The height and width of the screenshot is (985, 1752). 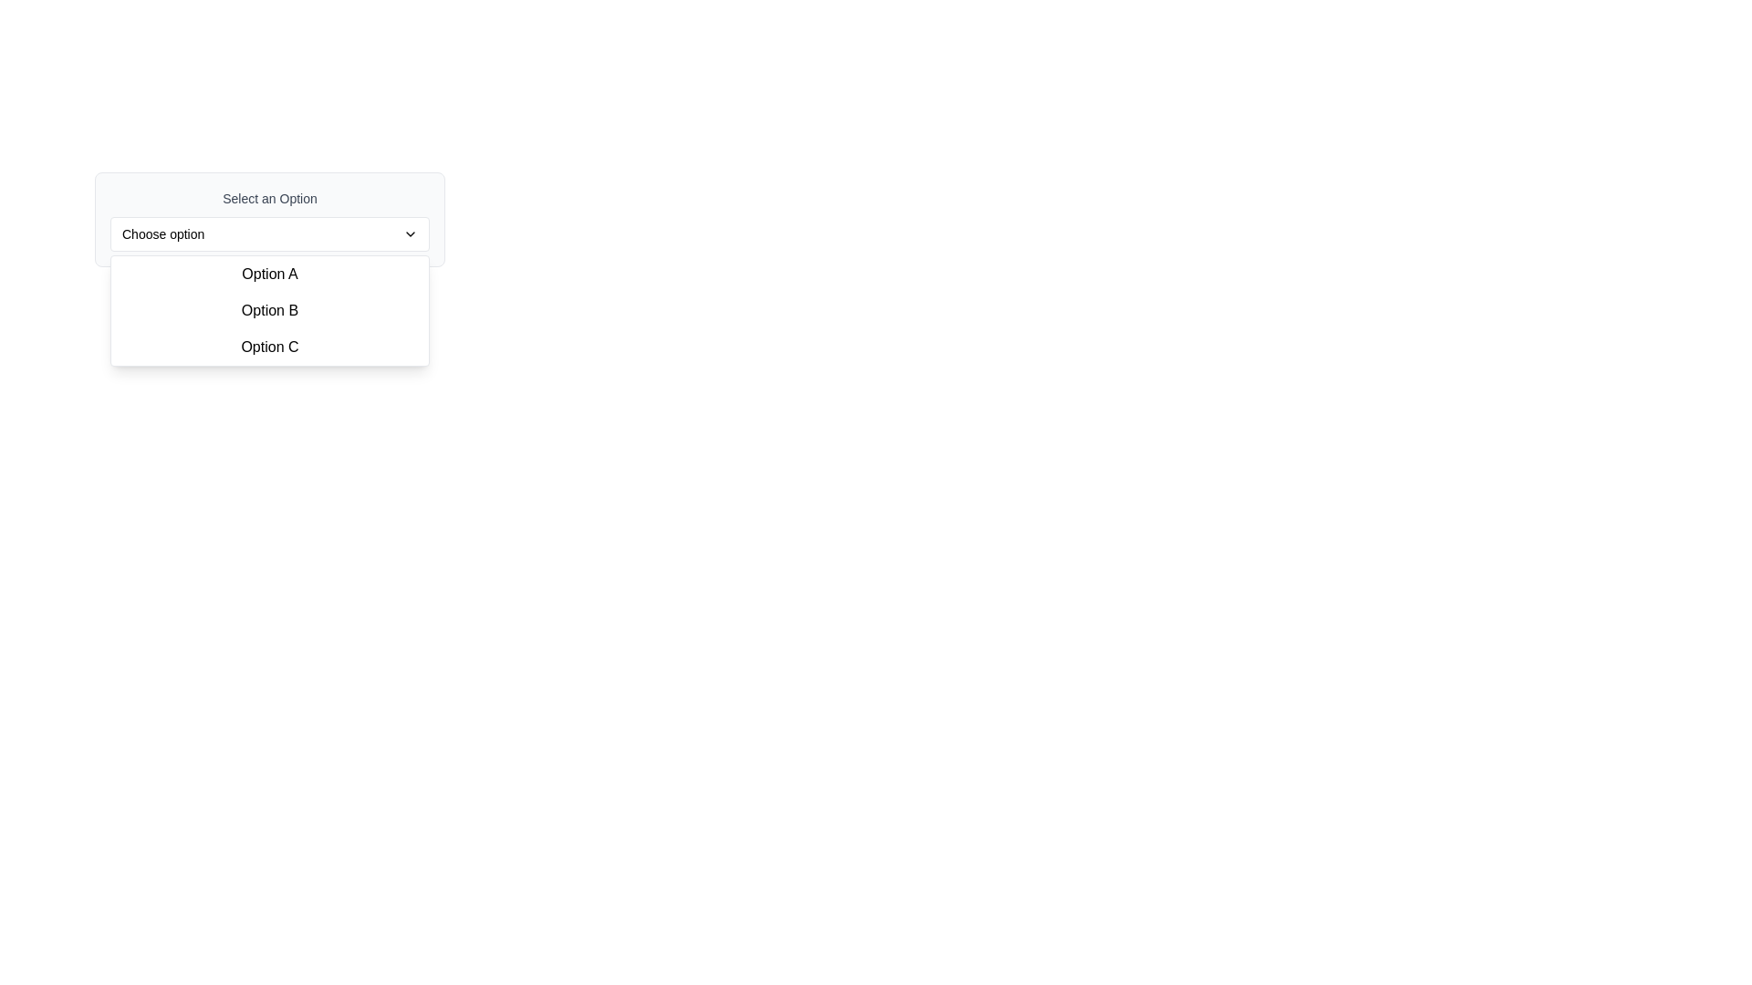 I want to click on the dropdown menu located below the title 'Select an Option', so click(x=422, y=307).